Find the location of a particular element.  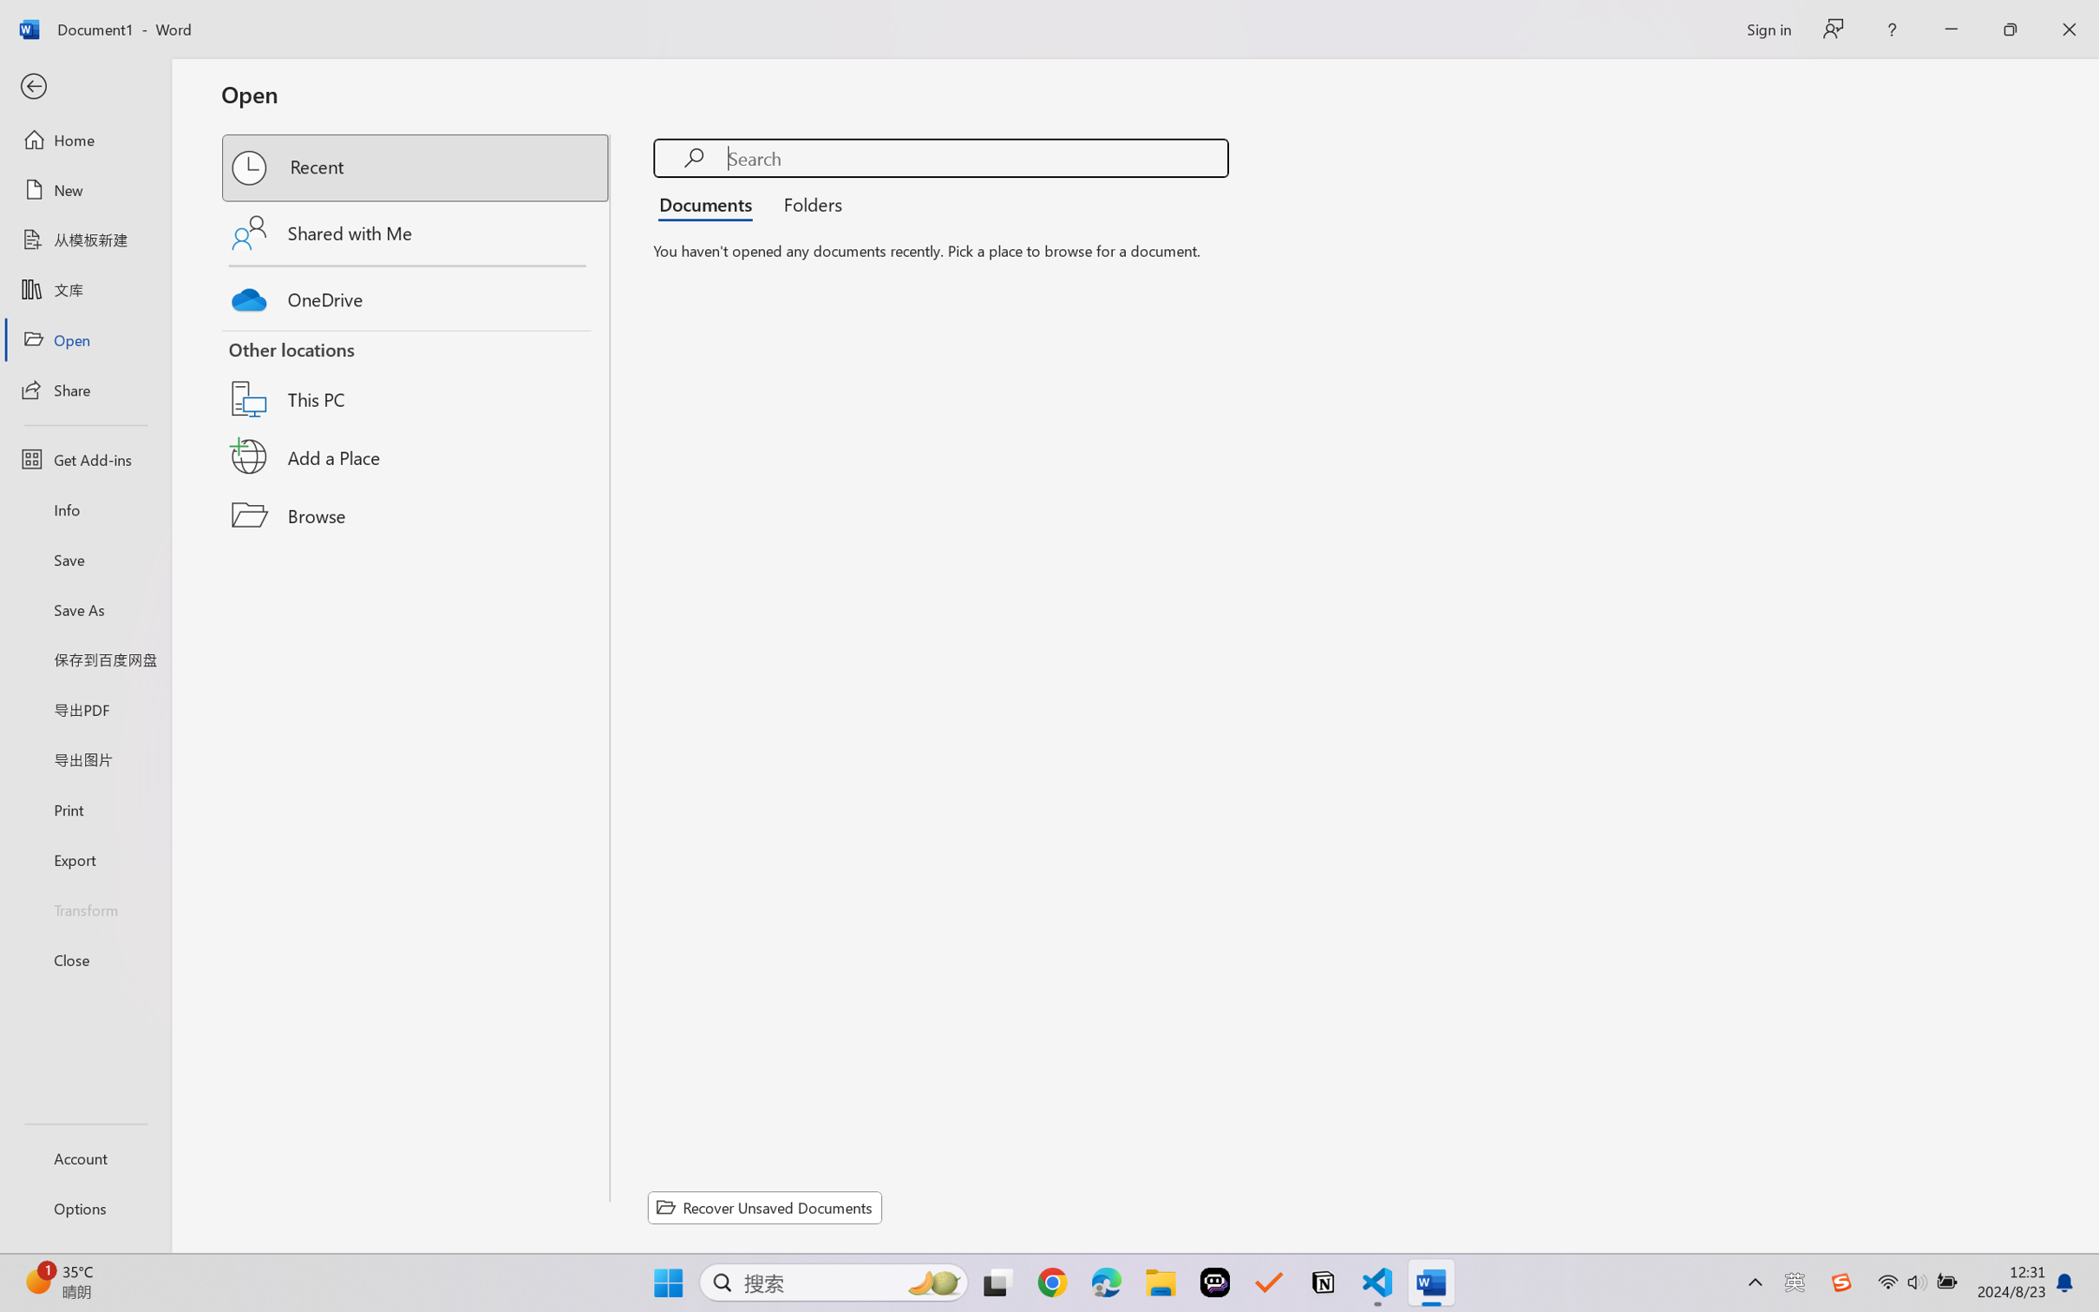

'Account' is located at coordinates (84, 1158).